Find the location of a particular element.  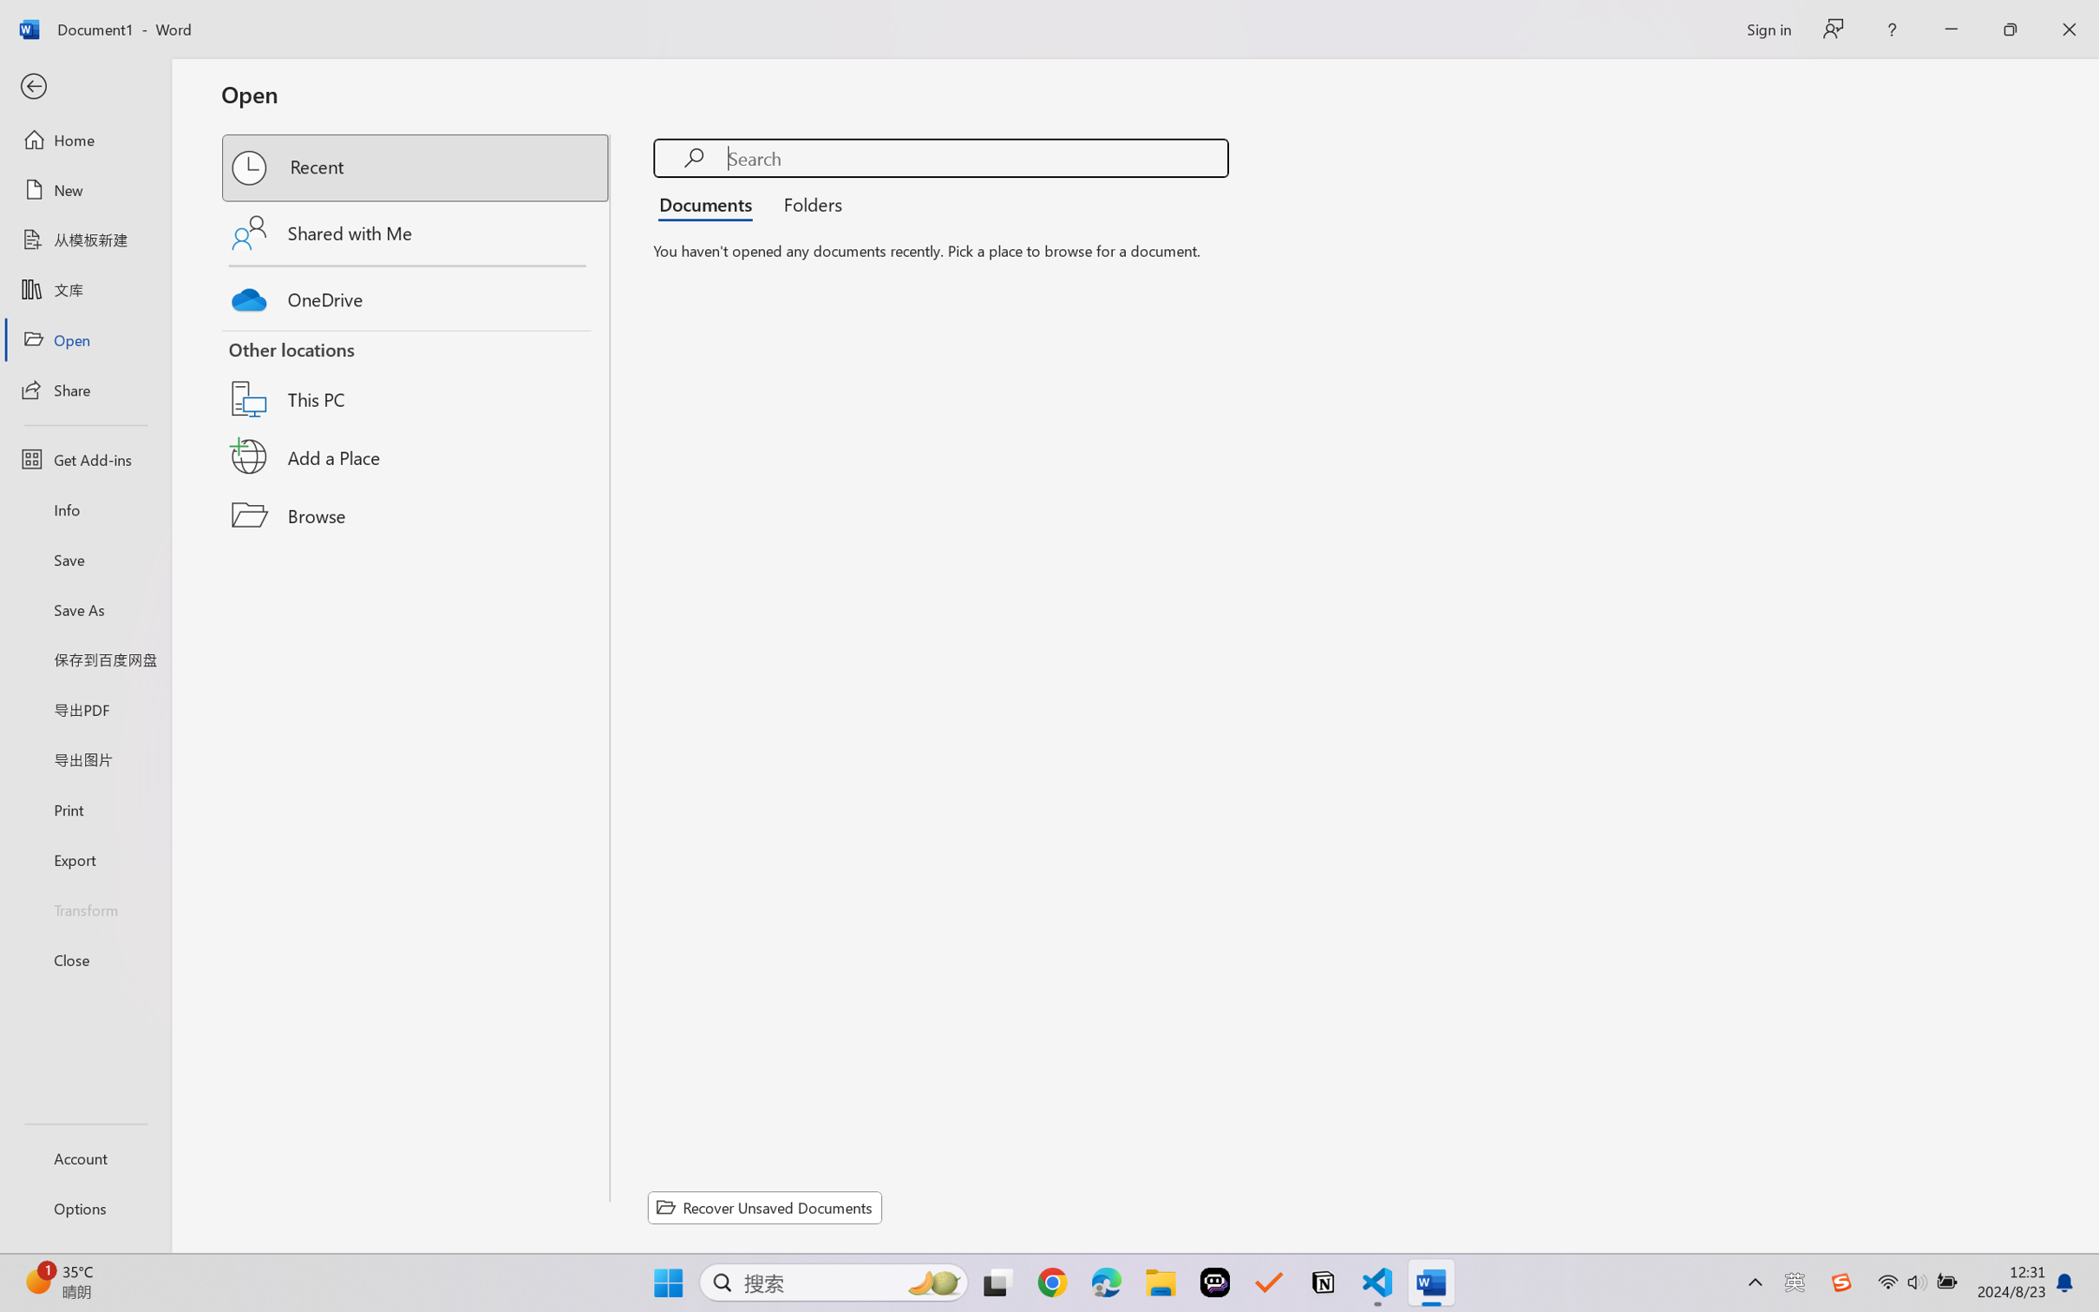

'Account' is located at coordinates (84, 1158).